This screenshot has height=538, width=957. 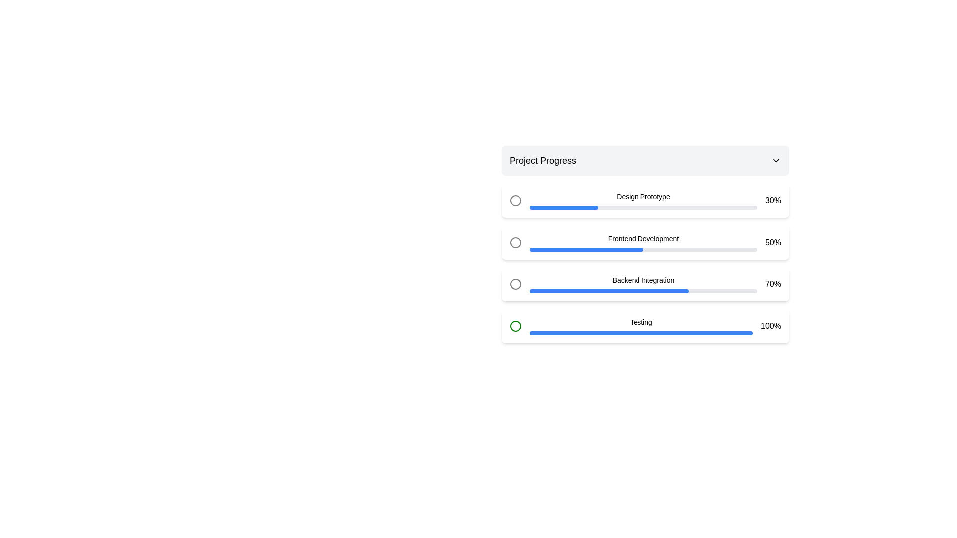 What do you see at coordinates (516, 326) in the screenshot?
I see `the circular icon that serves as a visual marker for the 'Testing' phase in the progress tracker interface, located at the left end of the 'Testing' row` at bounding box center [516, 326].